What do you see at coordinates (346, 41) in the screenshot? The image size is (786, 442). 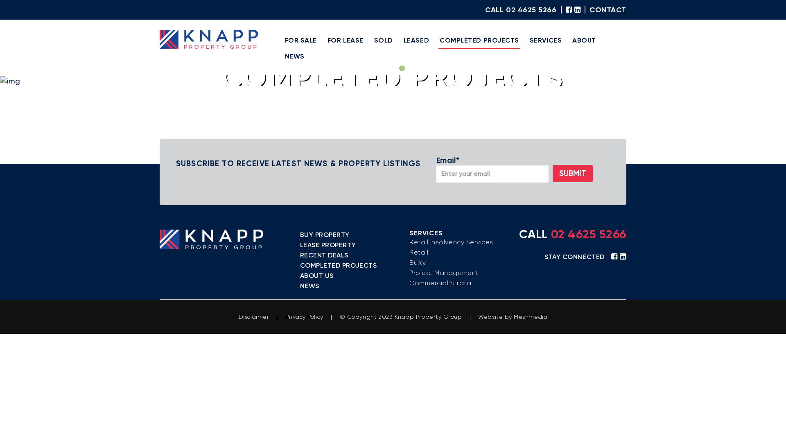 I see `'FOR LEASE'` at bounding box center [346, 41].